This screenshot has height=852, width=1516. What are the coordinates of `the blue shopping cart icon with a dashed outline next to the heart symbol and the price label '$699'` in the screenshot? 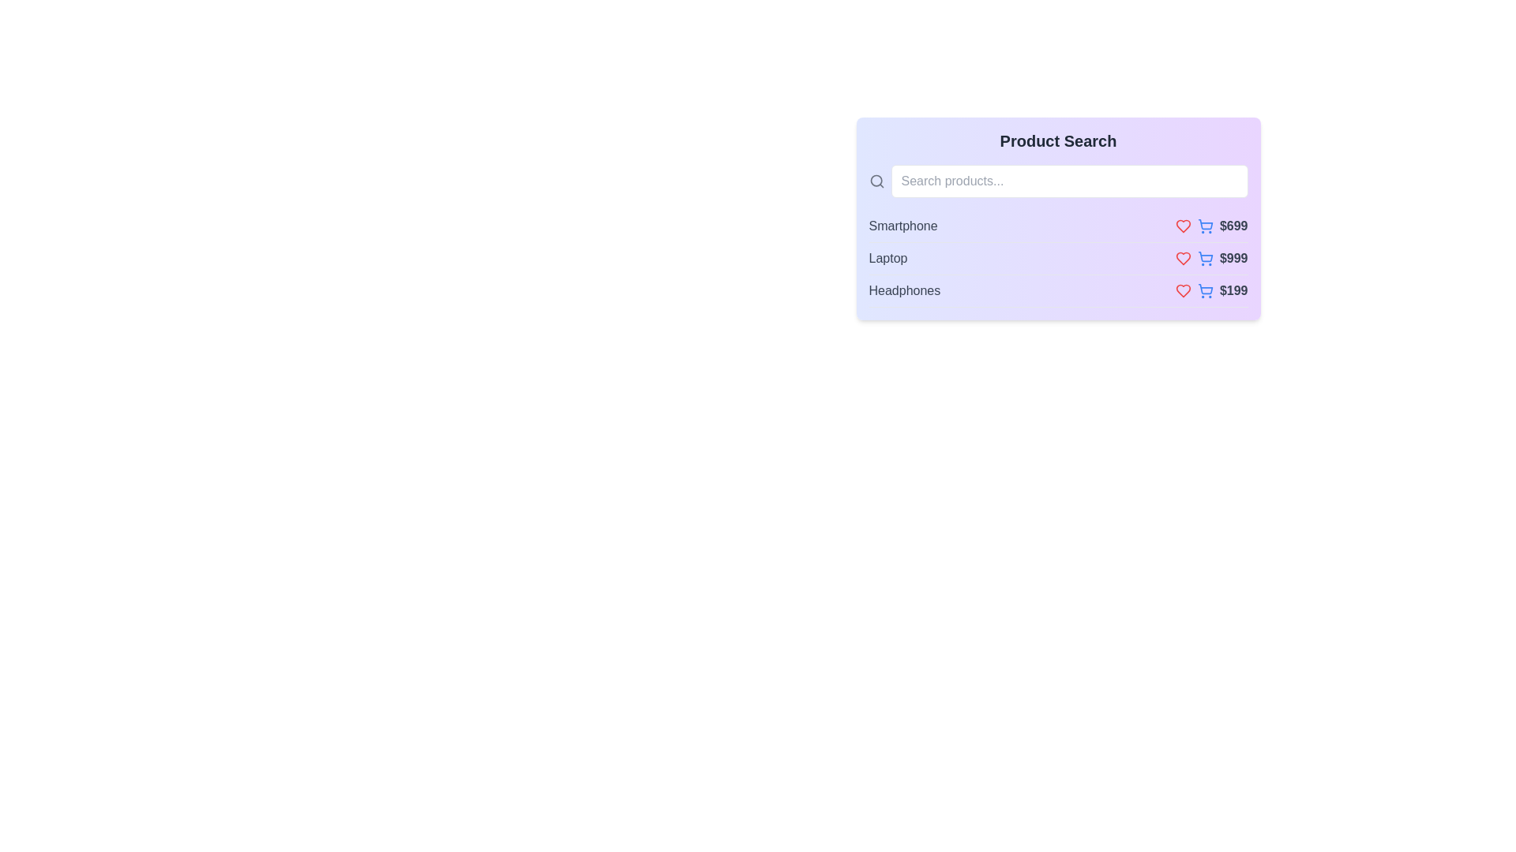 It's located at (1210, 226).